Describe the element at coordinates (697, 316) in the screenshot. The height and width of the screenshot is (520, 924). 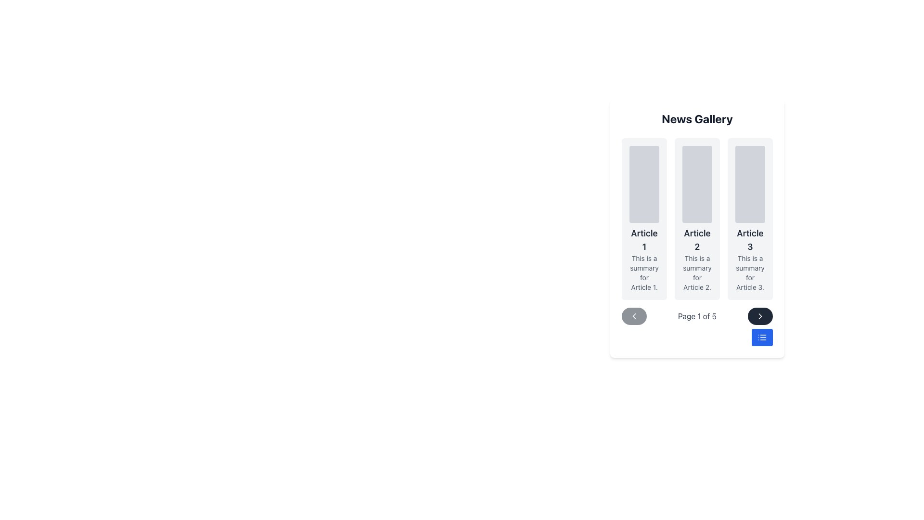
I see `the pagination indicator label located at the bottom of the layout, which displays the current and total number of pages and is horizontally centered with circular buttons on either side` at that location.